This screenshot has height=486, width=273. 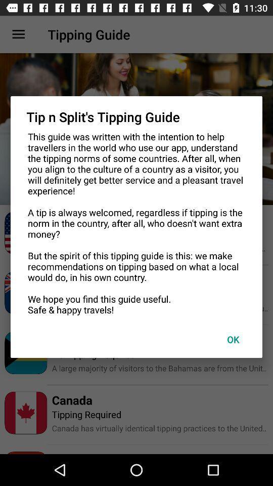 I want to click on ok item, so click(x=233, y=339).